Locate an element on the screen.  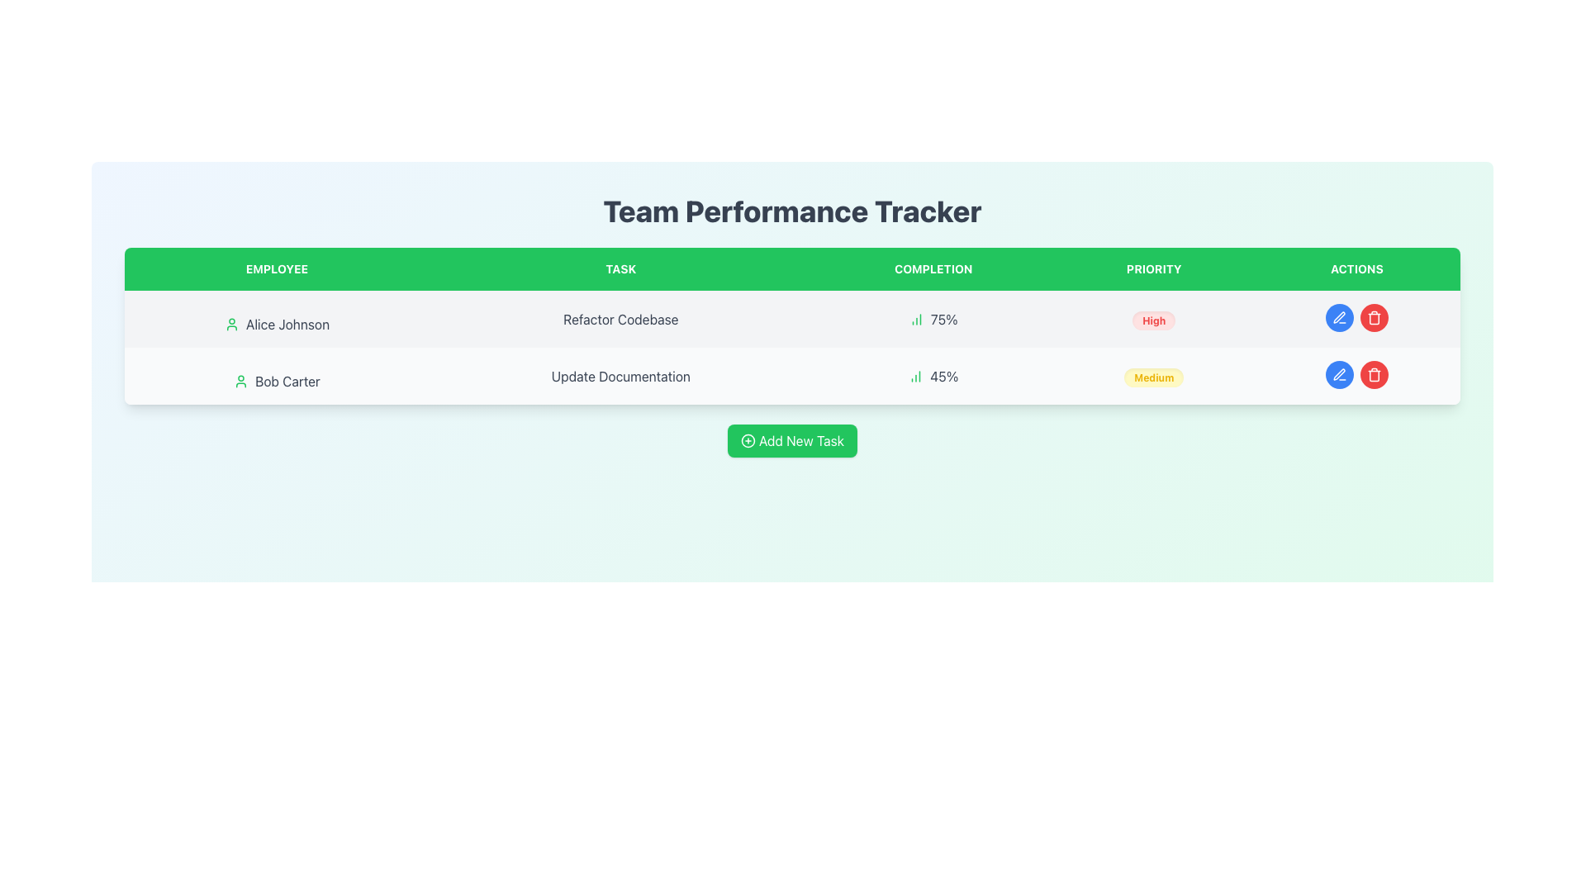
the 'Add New Task' button, which is a green rectangular button with a '+' icon and white text, located at the bottom of the main interface section is located at coordinates (791, 439).